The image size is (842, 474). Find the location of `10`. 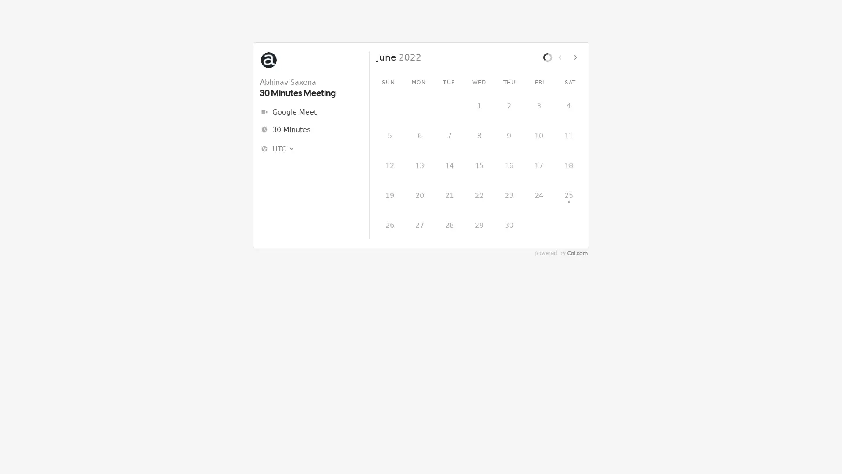

10 is located at coordinates (538, 135).